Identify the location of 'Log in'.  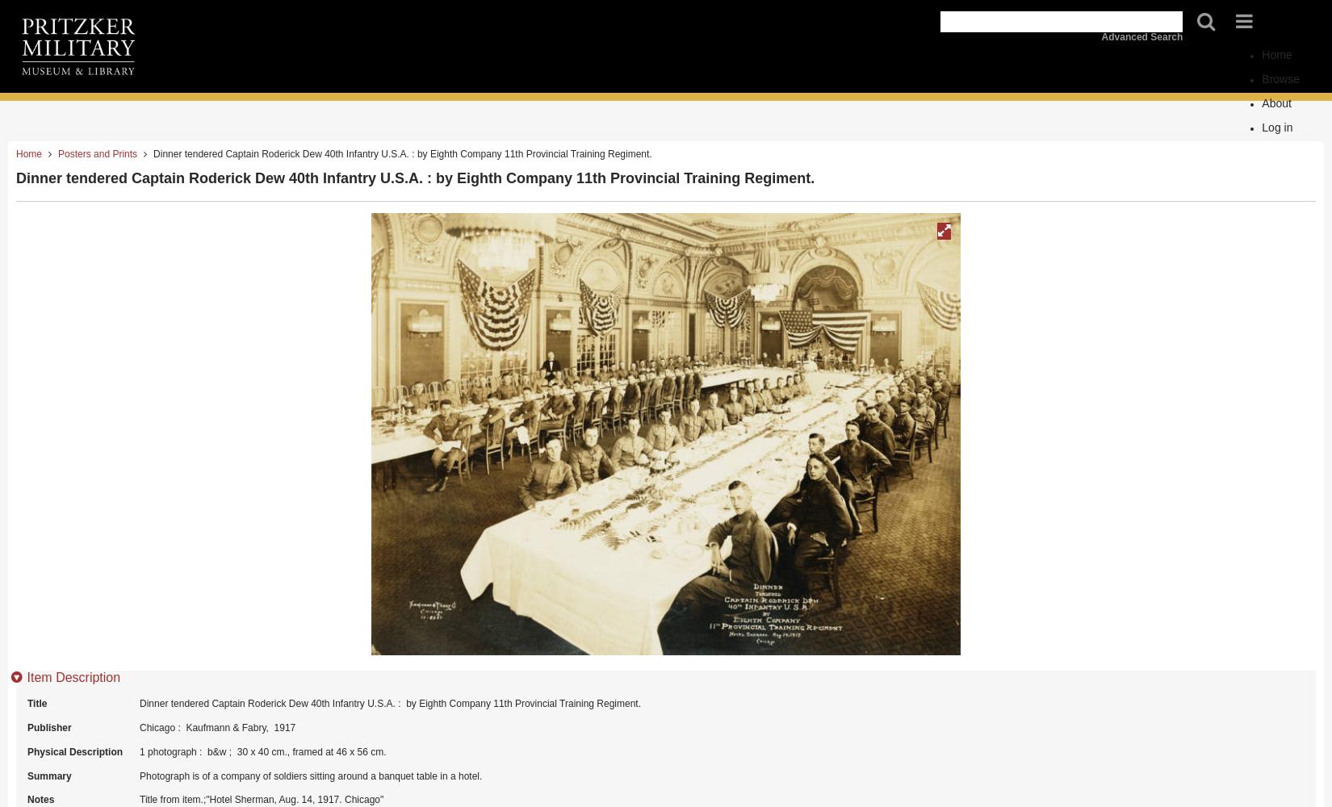
(1276, 128).